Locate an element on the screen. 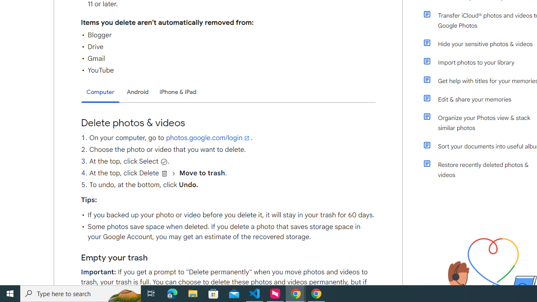 The height and width of the screenshot is (302, 537). 'Android' is located at coordinates (138, 92).